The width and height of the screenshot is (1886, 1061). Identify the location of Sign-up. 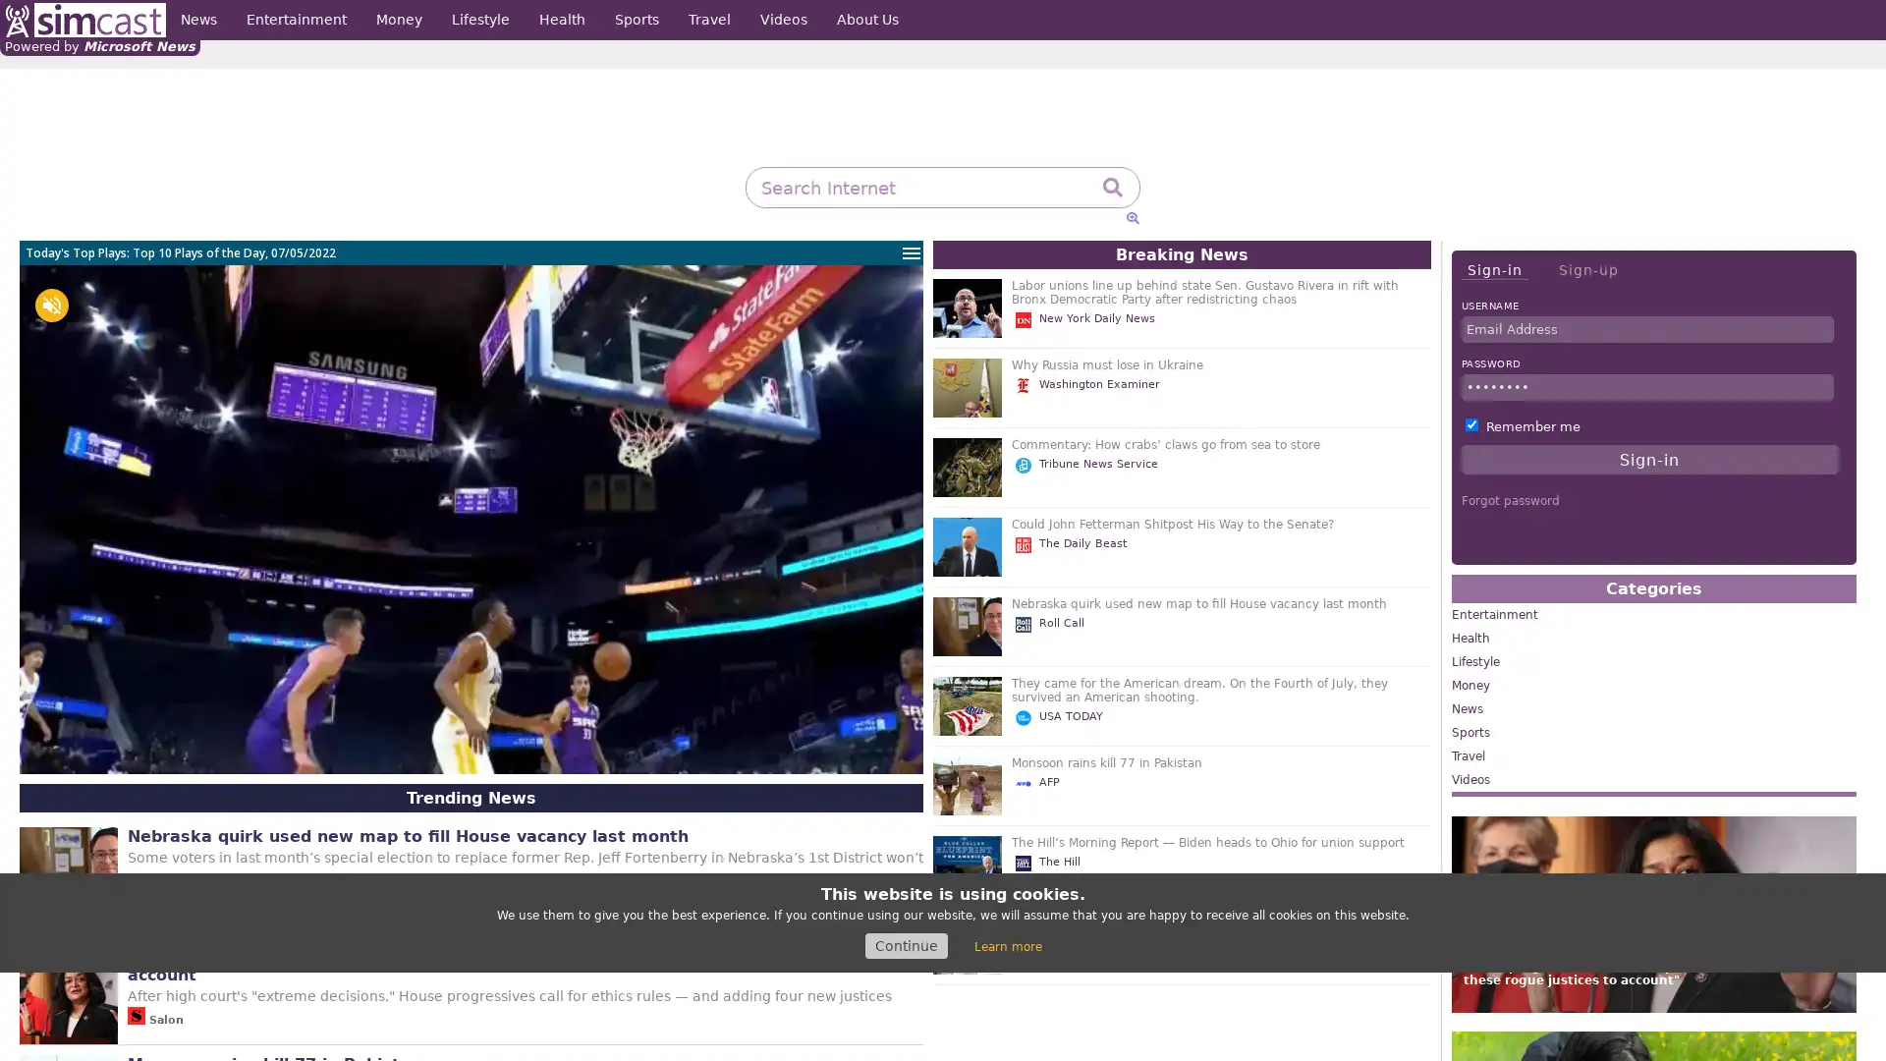
(1587, 269).